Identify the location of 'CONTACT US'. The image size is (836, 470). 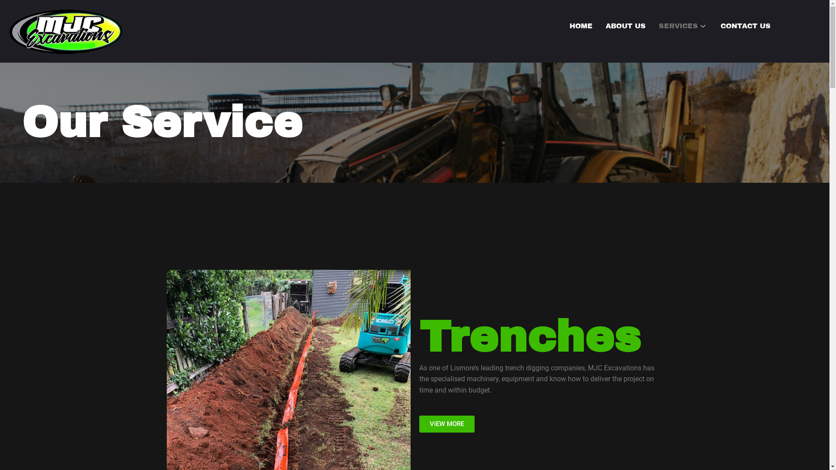
(714, 26).